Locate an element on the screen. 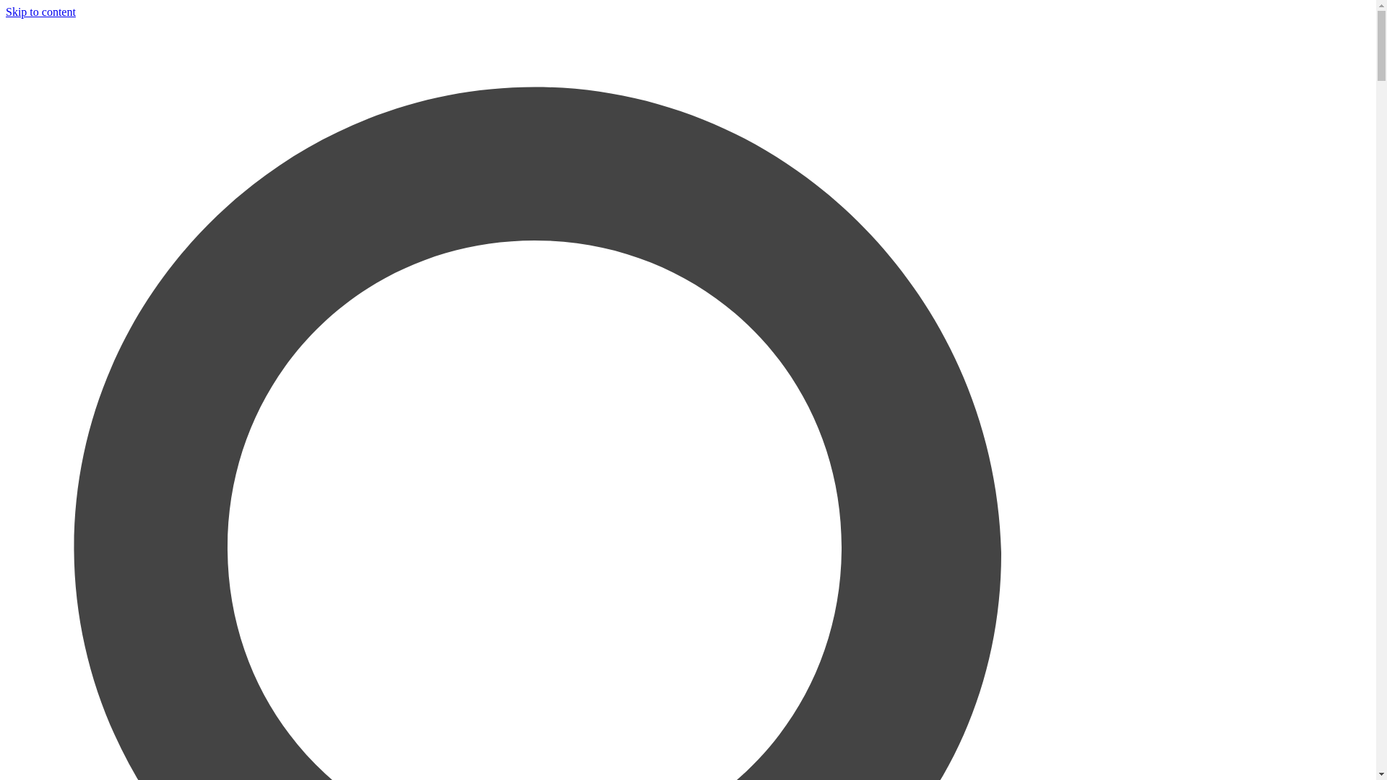 Image resolution: width=1387 pixels, height=780 pixels. 'Skip to content' is located at coordinates (40, 12).